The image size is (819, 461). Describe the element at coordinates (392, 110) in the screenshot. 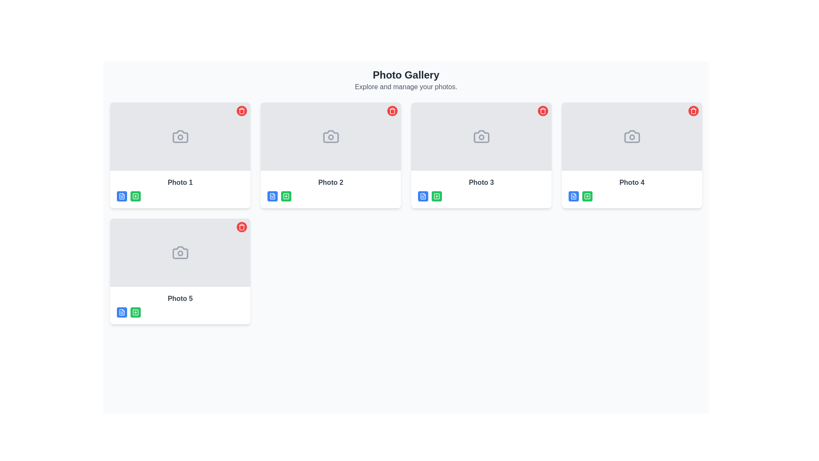

I see `the delete button located in the top-right corner of the card labeled 'Photo 2'` at that location.